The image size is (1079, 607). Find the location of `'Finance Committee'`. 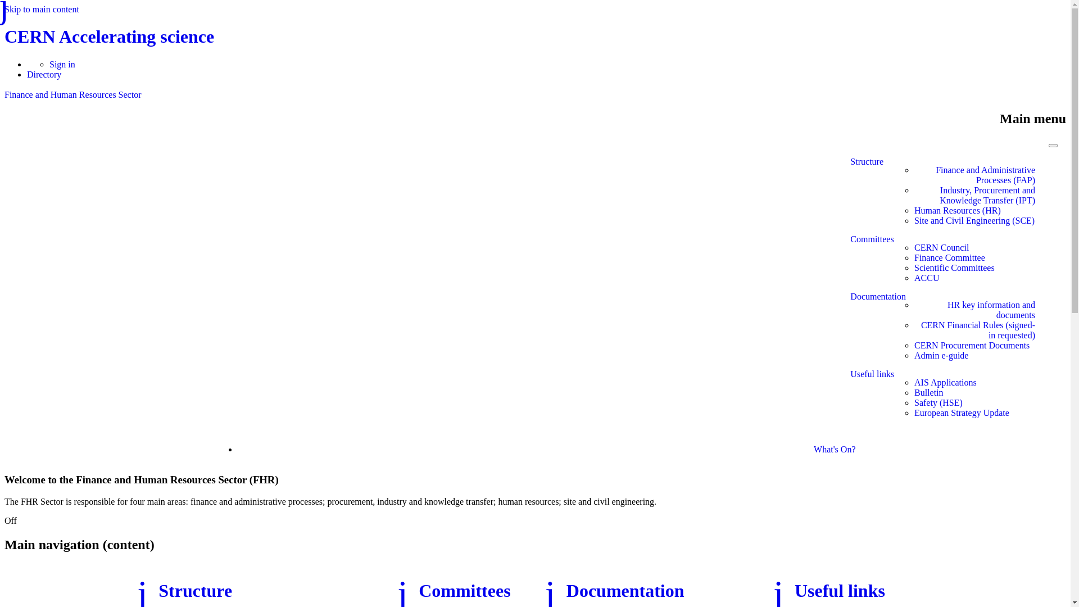

'Finance Committee' is located at coordinates (949, 258).